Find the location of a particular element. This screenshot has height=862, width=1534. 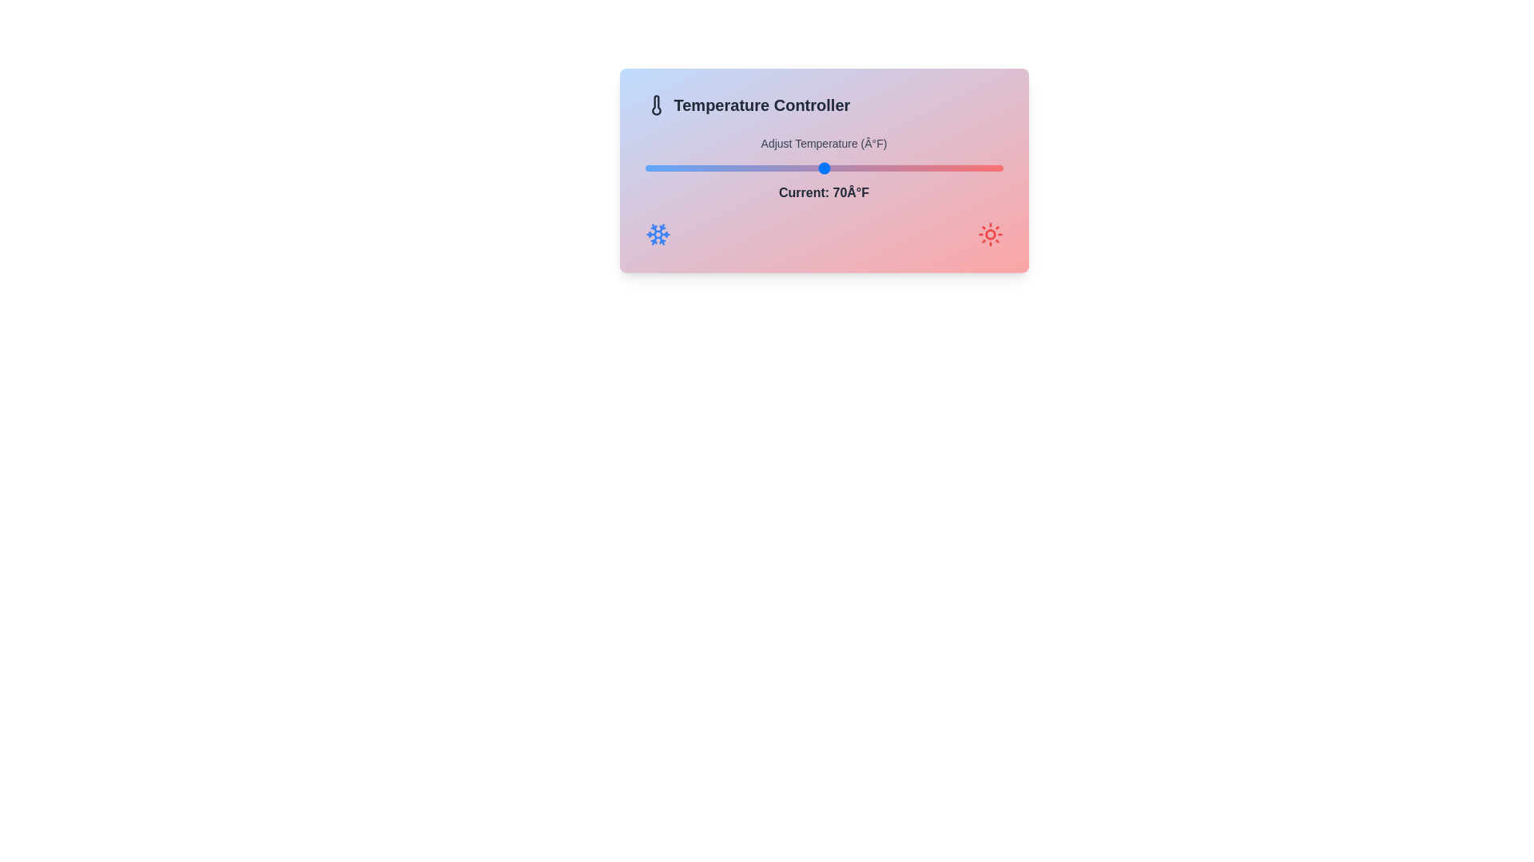

the temperature to 50 degrees Fahrenheit using the slider is located at coordinates (645, 168).